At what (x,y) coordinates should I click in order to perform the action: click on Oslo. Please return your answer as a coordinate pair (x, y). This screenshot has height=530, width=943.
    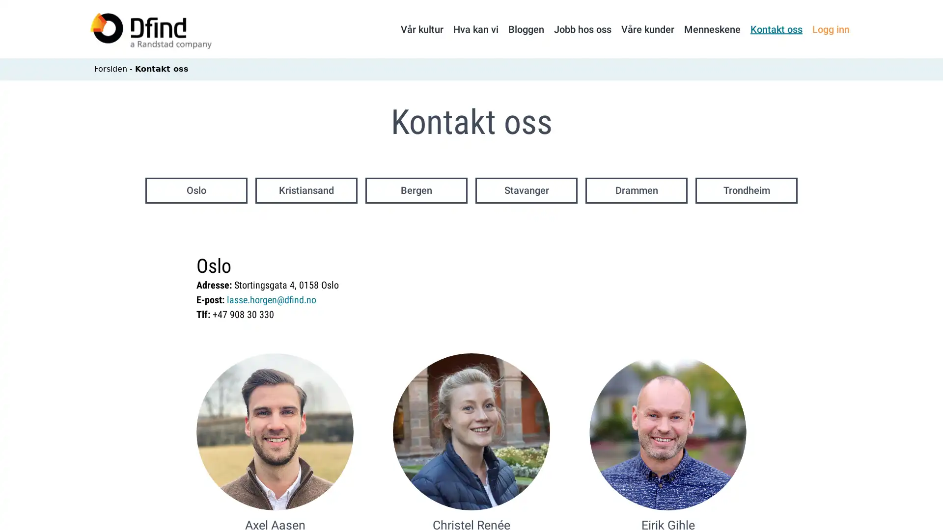
    Looking at the image, I should click on (196, 190).